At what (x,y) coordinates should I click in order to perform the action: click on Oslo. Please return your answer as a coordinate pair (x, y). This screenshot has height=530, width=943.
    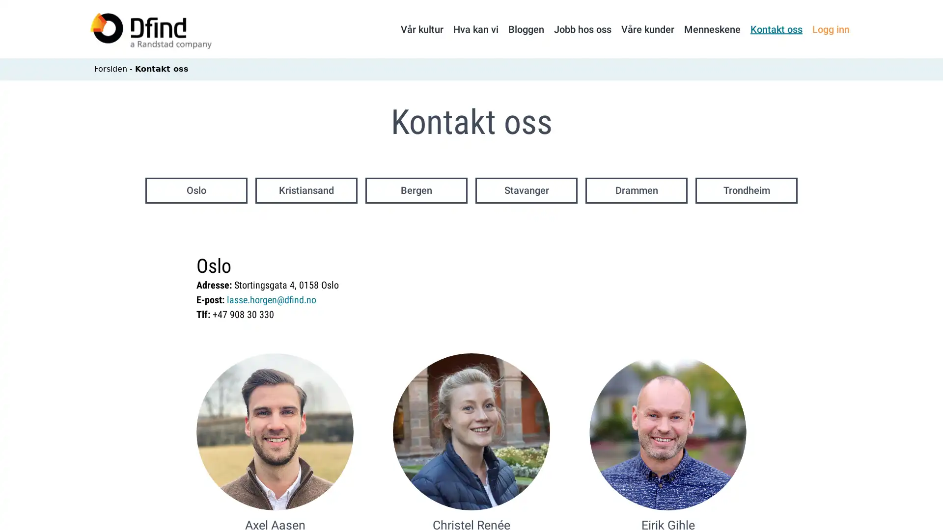
    Looking at the image, I should click on (196, 190).